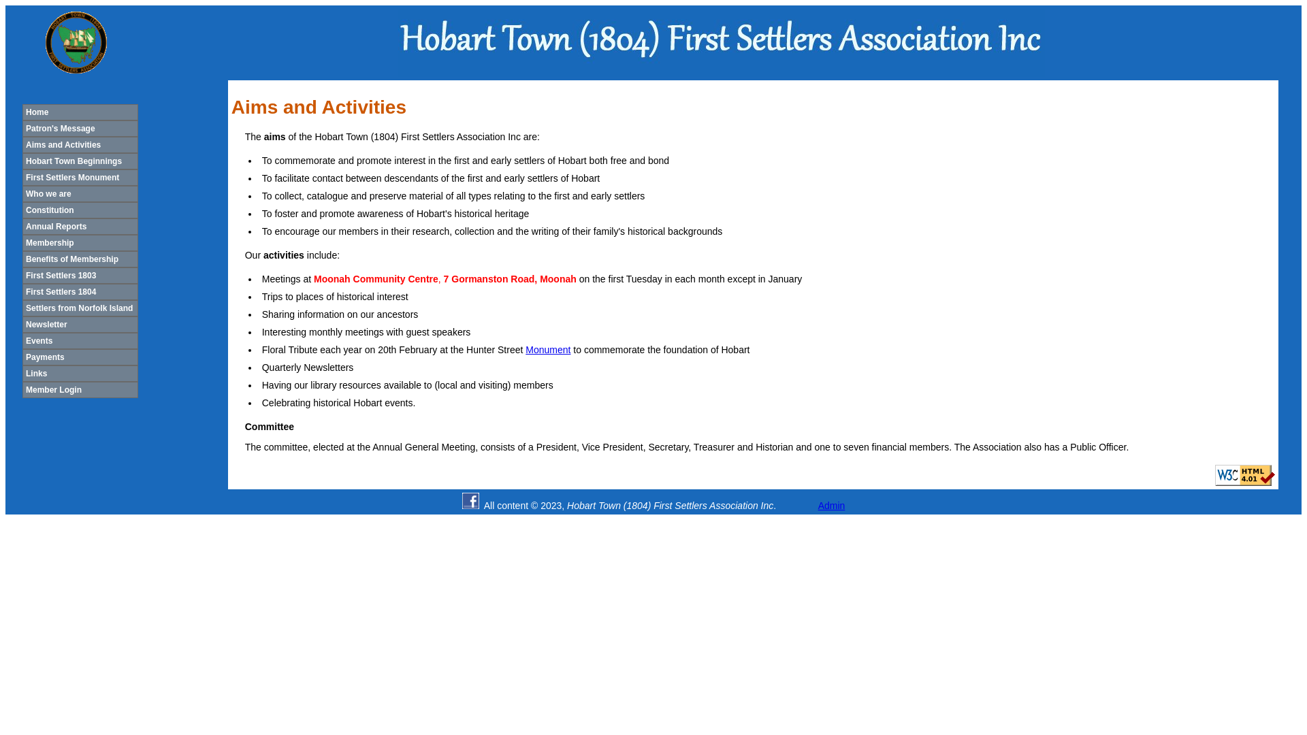 The image size is (1307, 735). What do you see at coordinates (22, 340) in the screenshot?
I see `'Events'` at bounding box center [22, 340].